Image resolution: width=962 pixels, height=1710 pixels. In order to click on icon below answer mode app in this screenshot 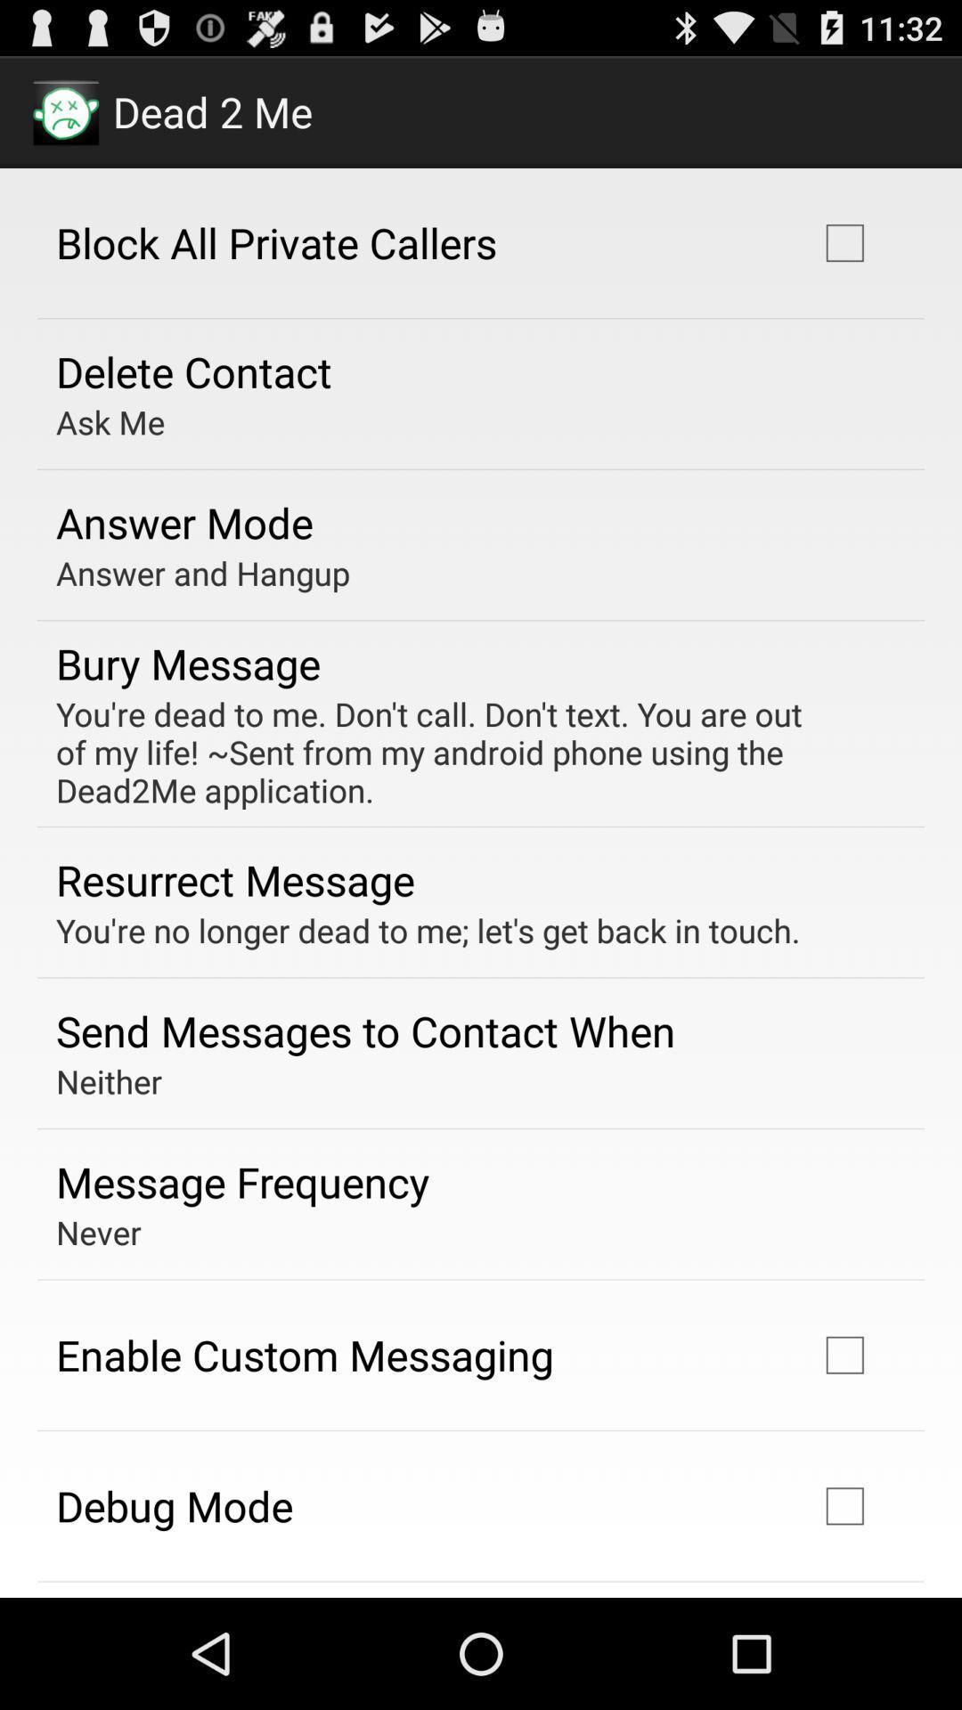, I will do `click(201, 573)`.